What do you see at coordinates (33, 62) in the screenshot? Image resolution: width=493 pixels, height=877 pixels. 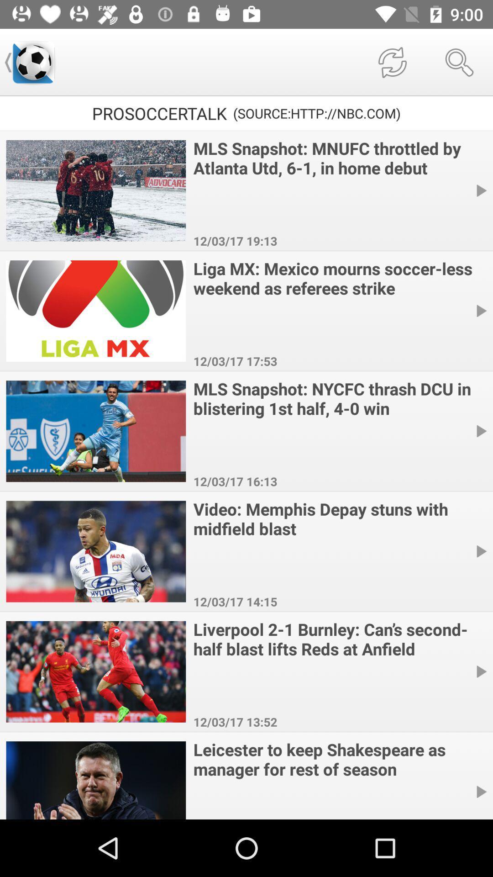 I see `the icon to the left of the prosoccertalk item` at bounding box center [33, 62].